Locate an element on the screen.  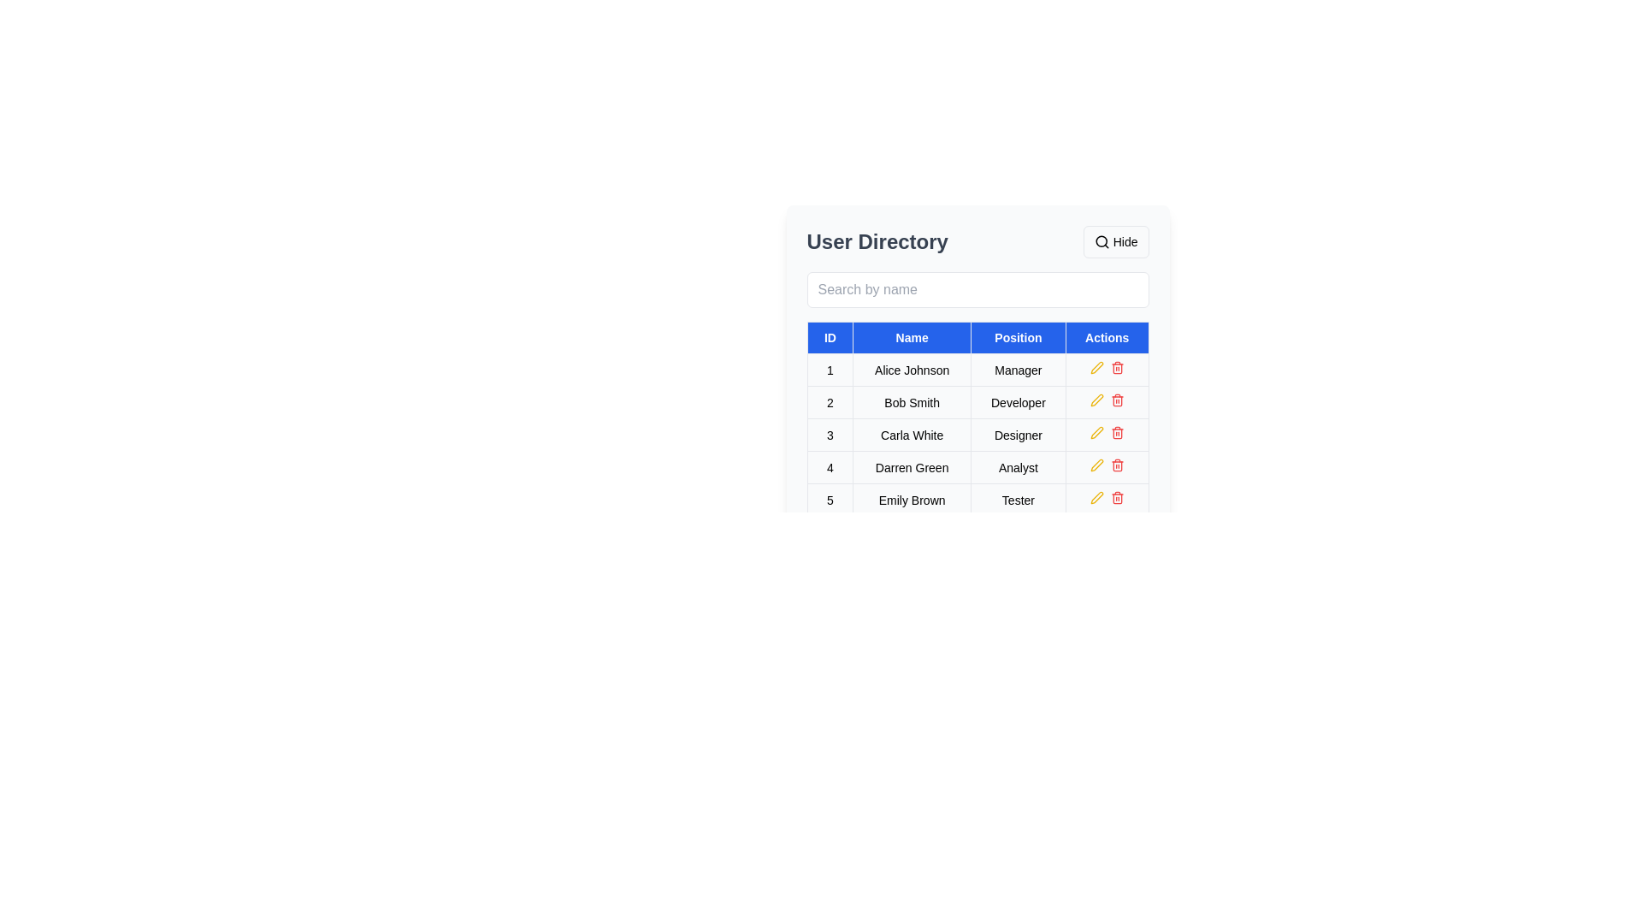
the trash bin icon button located in the last cell of the 'Actions' column in the 'User Directory' table to initiate the delete action is located at coordinates (1107, 500).